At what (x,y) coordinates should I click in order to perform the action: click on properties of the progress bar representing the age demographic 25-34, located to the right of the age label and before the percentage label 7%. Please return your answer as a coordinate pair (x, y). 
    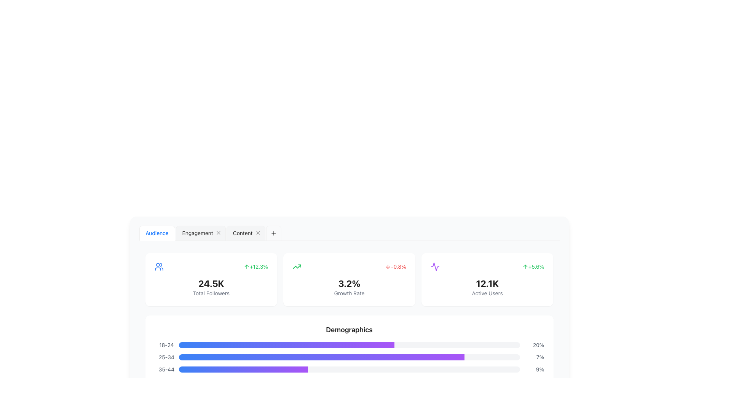
    Looking at the image, I should click on (349, 357).